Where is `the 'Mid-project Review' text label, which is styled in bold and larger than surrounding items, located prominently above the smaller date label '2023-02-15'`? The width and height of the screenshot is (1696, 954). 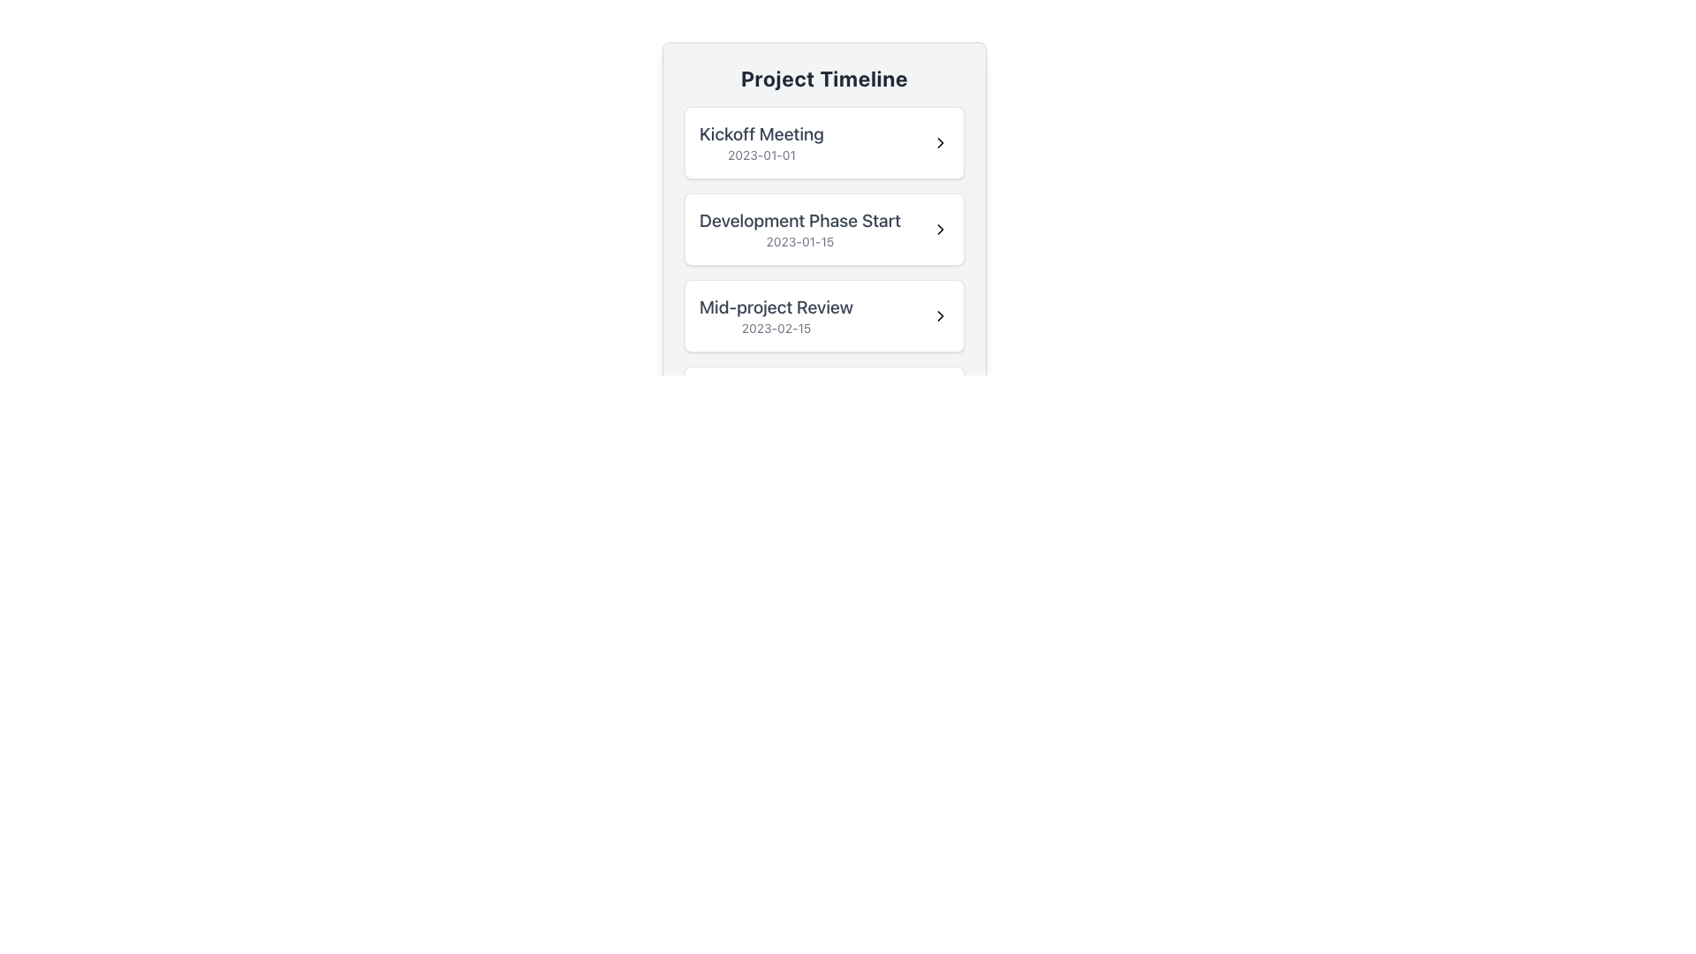 the 'Mid-project Review' text label, which is styled in bold and larger than surrounding items, located prominently above the smaller date label '2023-02-15' is located at coordinates (776, 306).